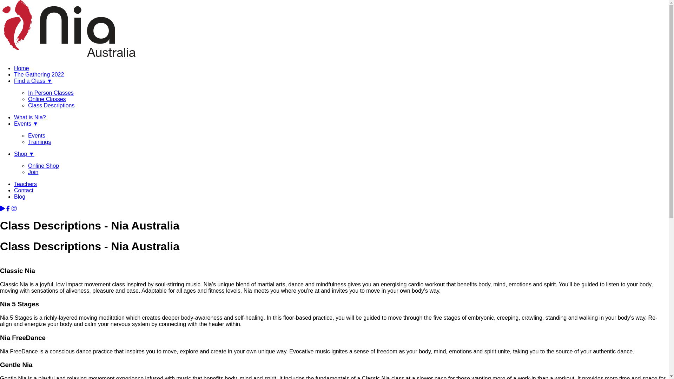 This screenshot has width=674, height=379. What do you see at coordinates (14, 74) in the screenshot?
I see `'The Gathering 2022'` at bounding box center [14, 74].